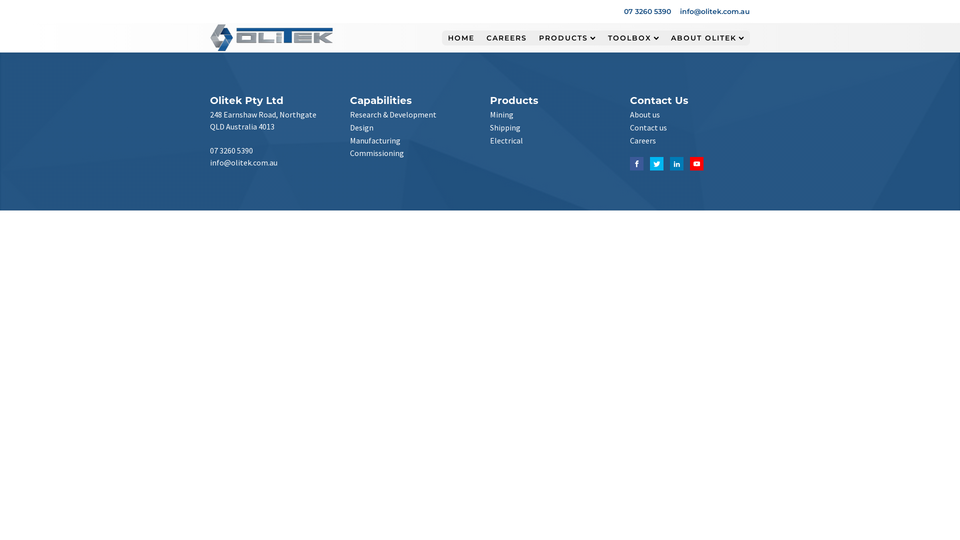 Image resolution: width=960 pixels, height=540 pixels. I want to click on 'PRODUCTS', so click(567, 37).